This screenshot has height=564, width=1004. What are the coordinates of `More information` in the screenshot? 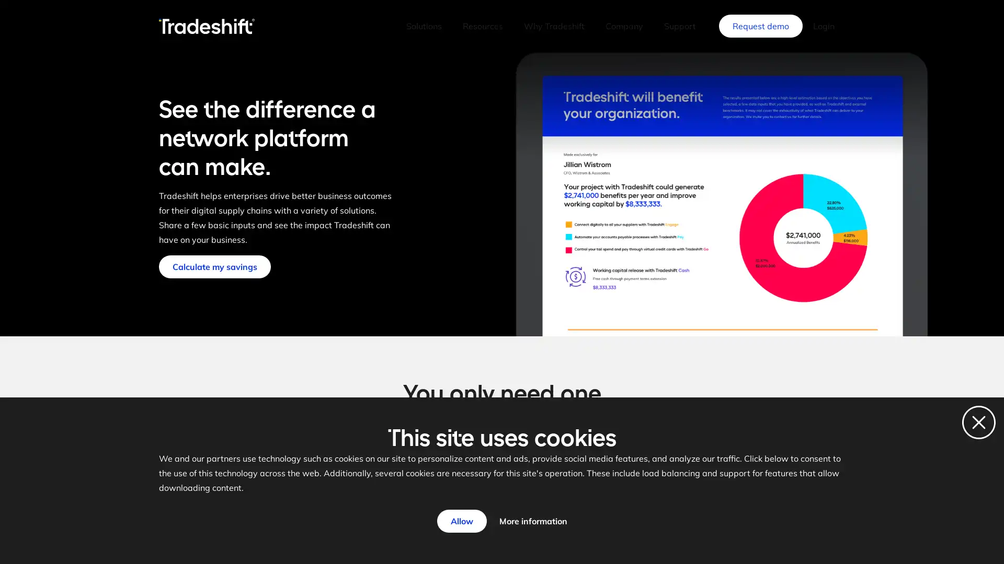 It's located at (532, 521).